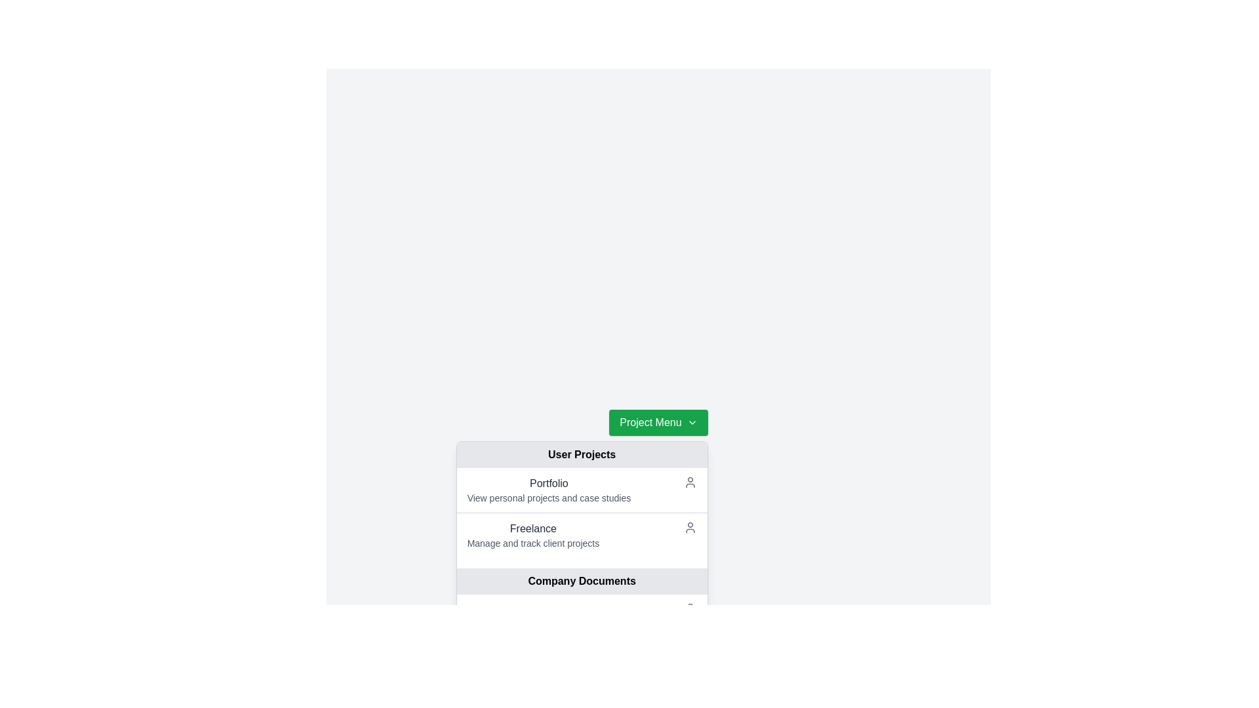  Describe the element at coordinates (581, 512) in the screenshot. I see `the 'Portfolio' entry` at that location.